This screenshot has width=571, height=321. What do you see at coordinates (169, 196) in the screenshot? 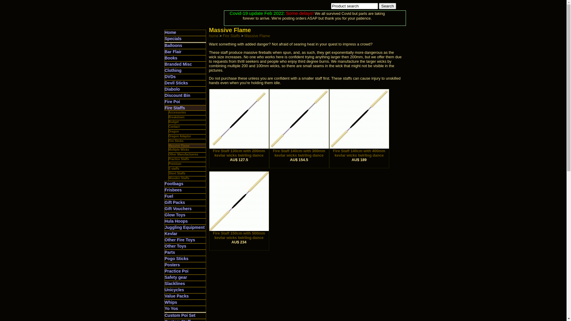
I see `'Fuel'` at bounding box center [169, 196].